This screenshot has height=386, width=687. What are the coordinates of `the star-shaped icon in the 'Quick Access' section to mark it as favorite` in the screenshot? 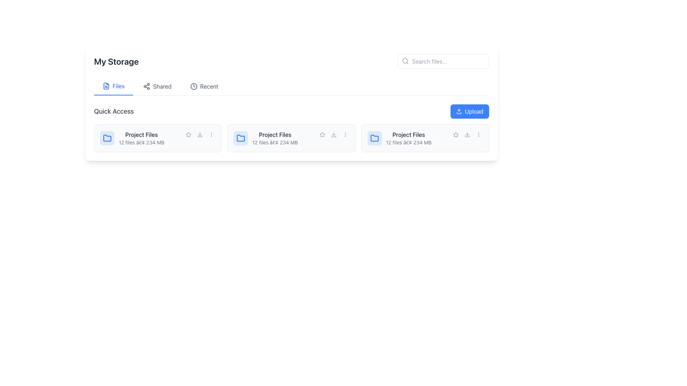 It's located at (322, 134).